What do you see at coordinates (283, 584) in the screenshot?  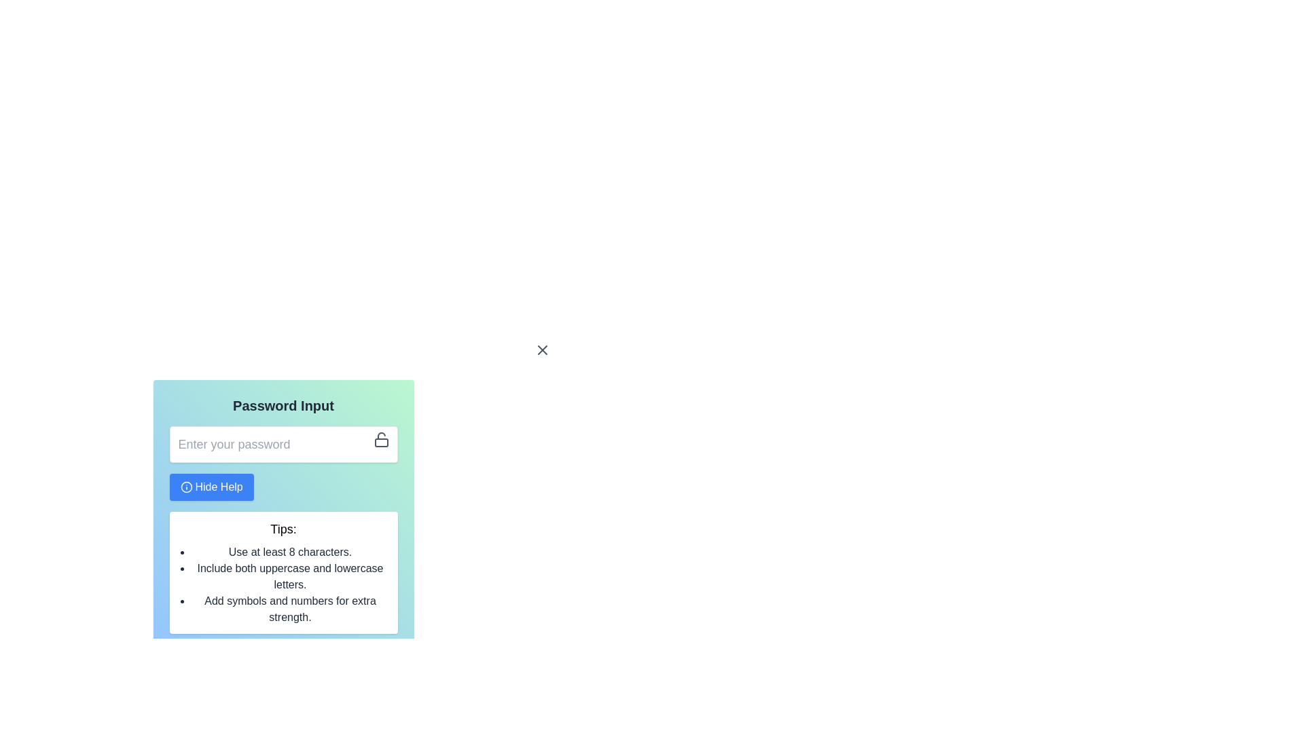 I see `tips from the textual component containing three bullet points about creating a strong password, which is located directly below the title 'Tips:' in the 'Password Input' box` at bounding box center [283, 584].